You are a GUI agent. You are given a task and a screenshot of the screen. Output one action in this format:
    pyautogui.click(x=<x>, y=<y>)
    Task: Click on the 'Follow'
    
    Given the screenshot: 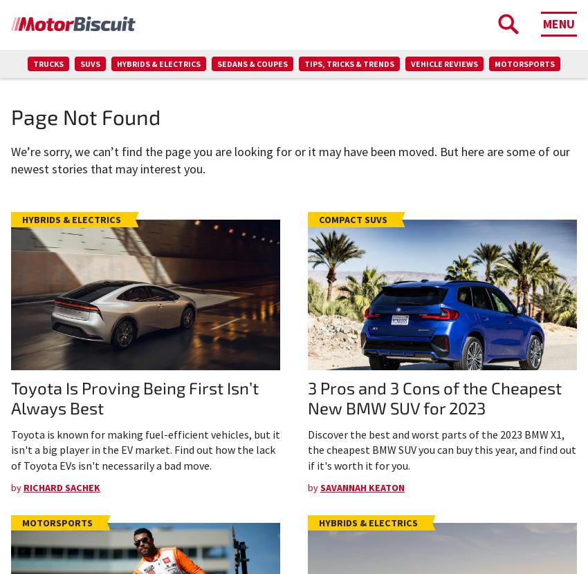 What is the action you would take?
    pyautogui.click(x=378, y=247)
    